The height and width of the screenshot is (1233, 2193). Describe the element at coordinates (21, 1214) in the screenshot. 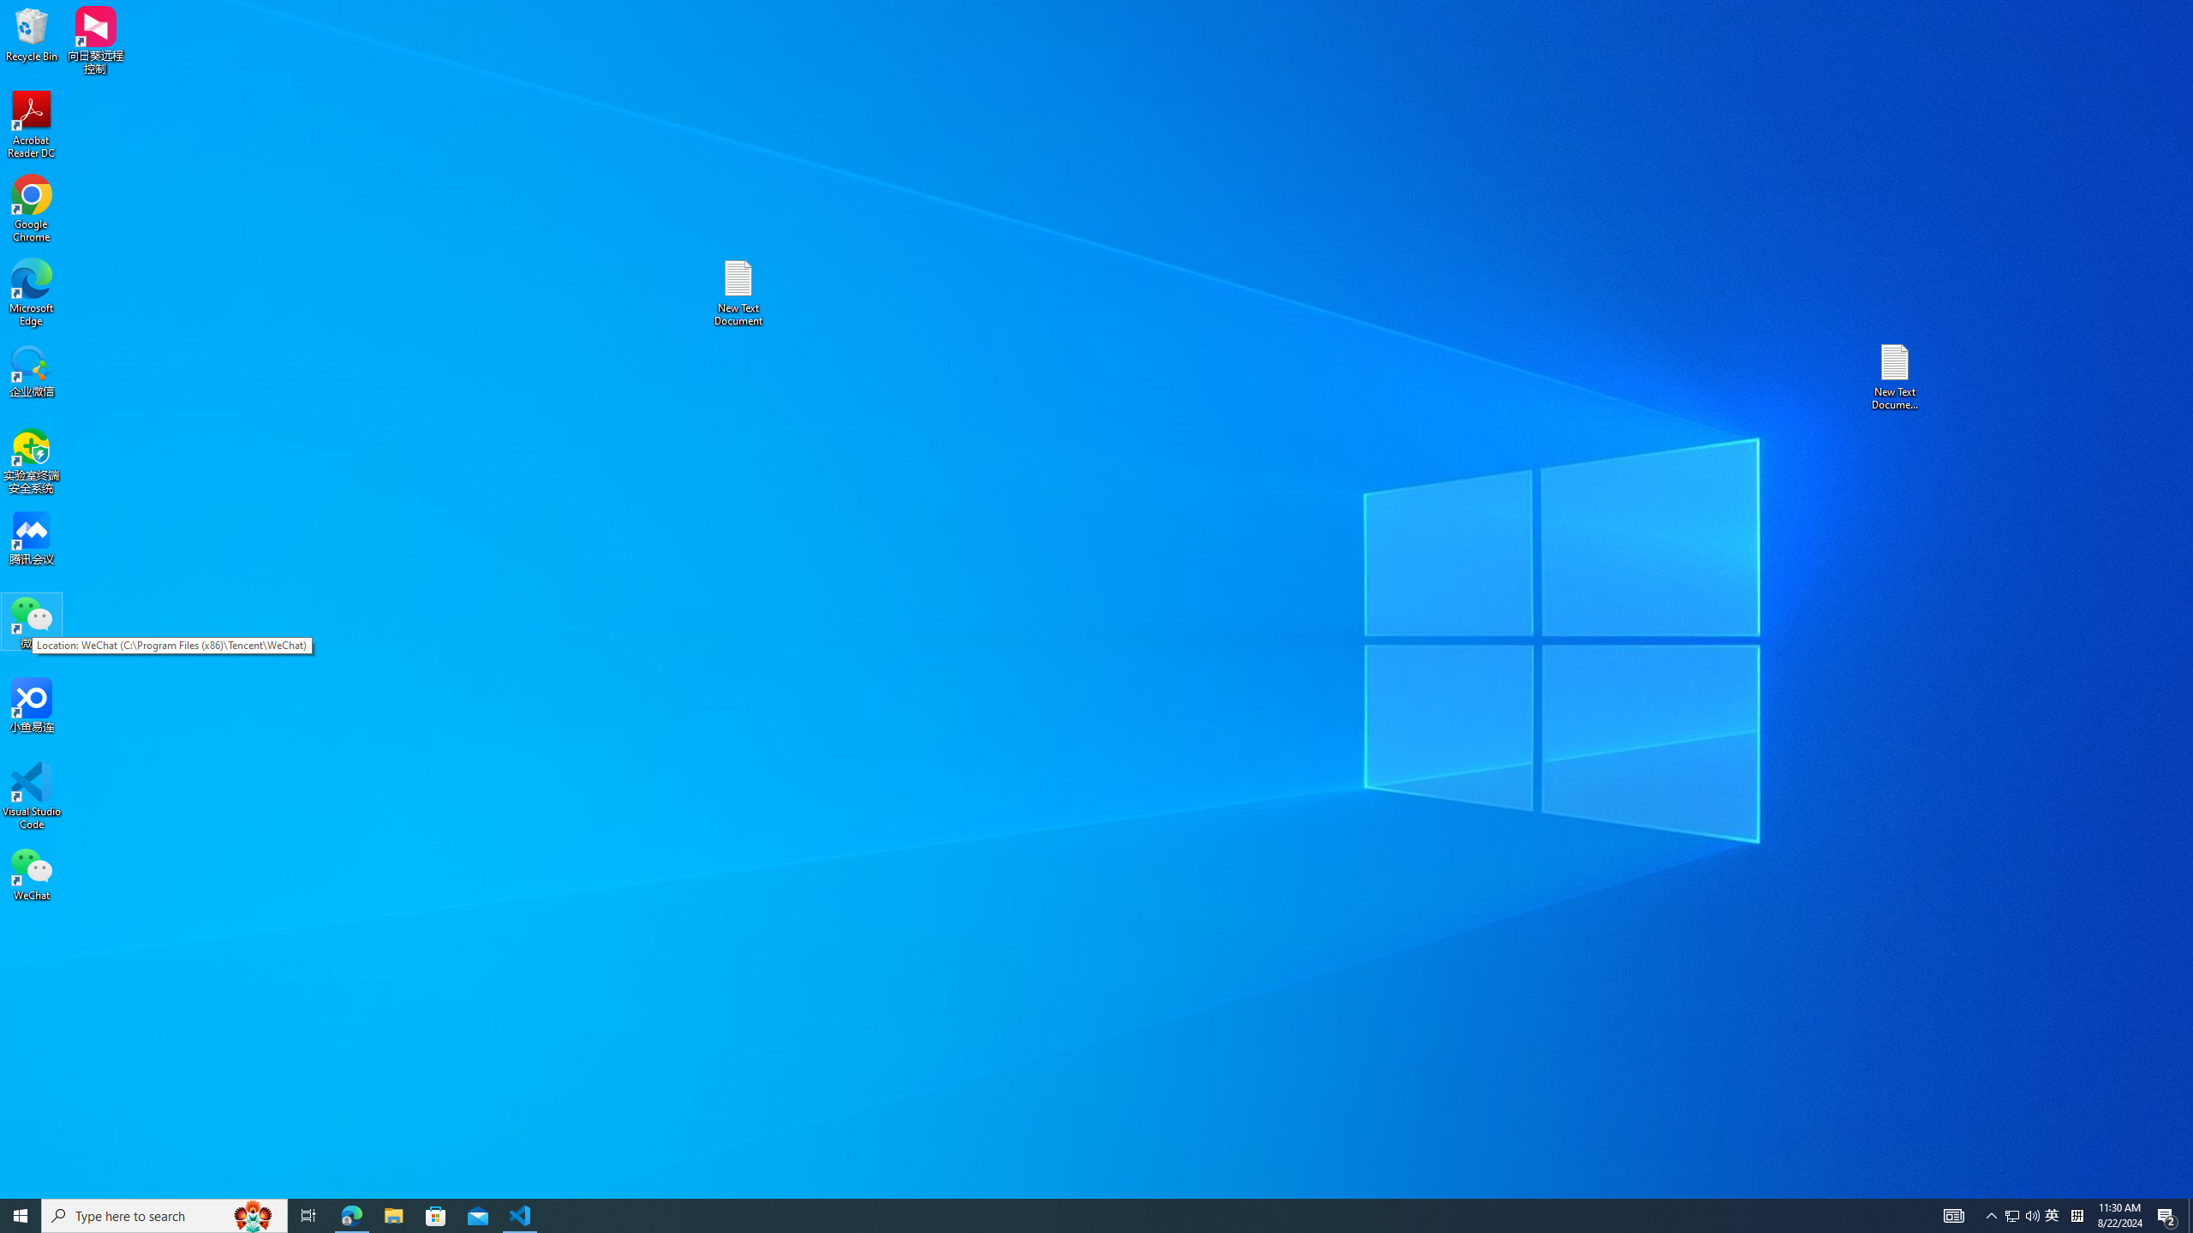

I see `'Start'` at that location.